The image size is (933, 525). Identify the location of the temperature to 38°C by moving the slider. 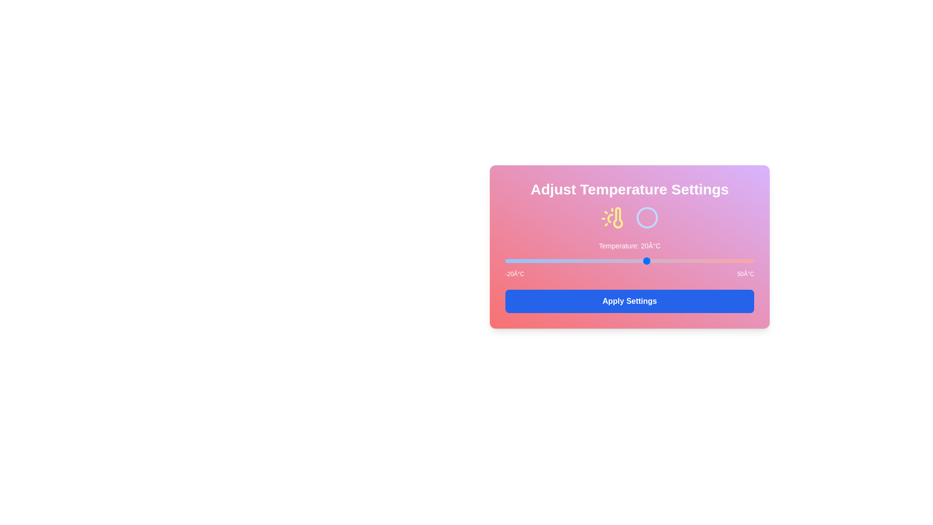
(711, 260).